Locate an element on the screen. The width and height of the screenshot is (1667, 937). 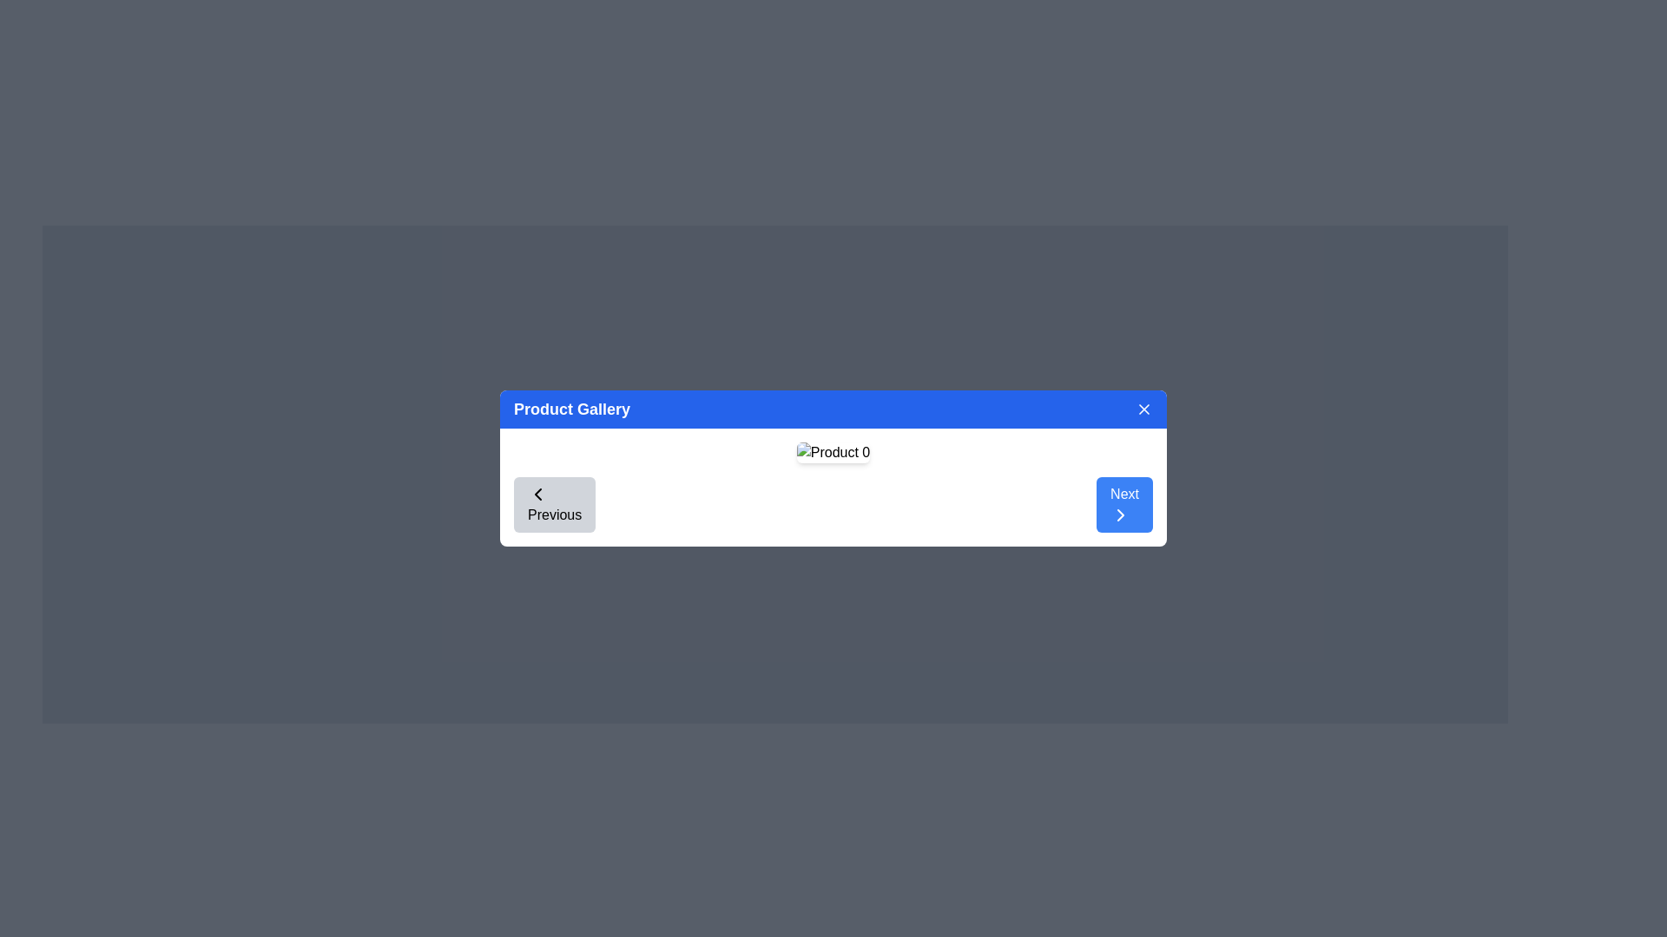
the 'Previous' button which contains the icon that signifies navigation to the previous item in a sequence is located at coordinates (537, 495).